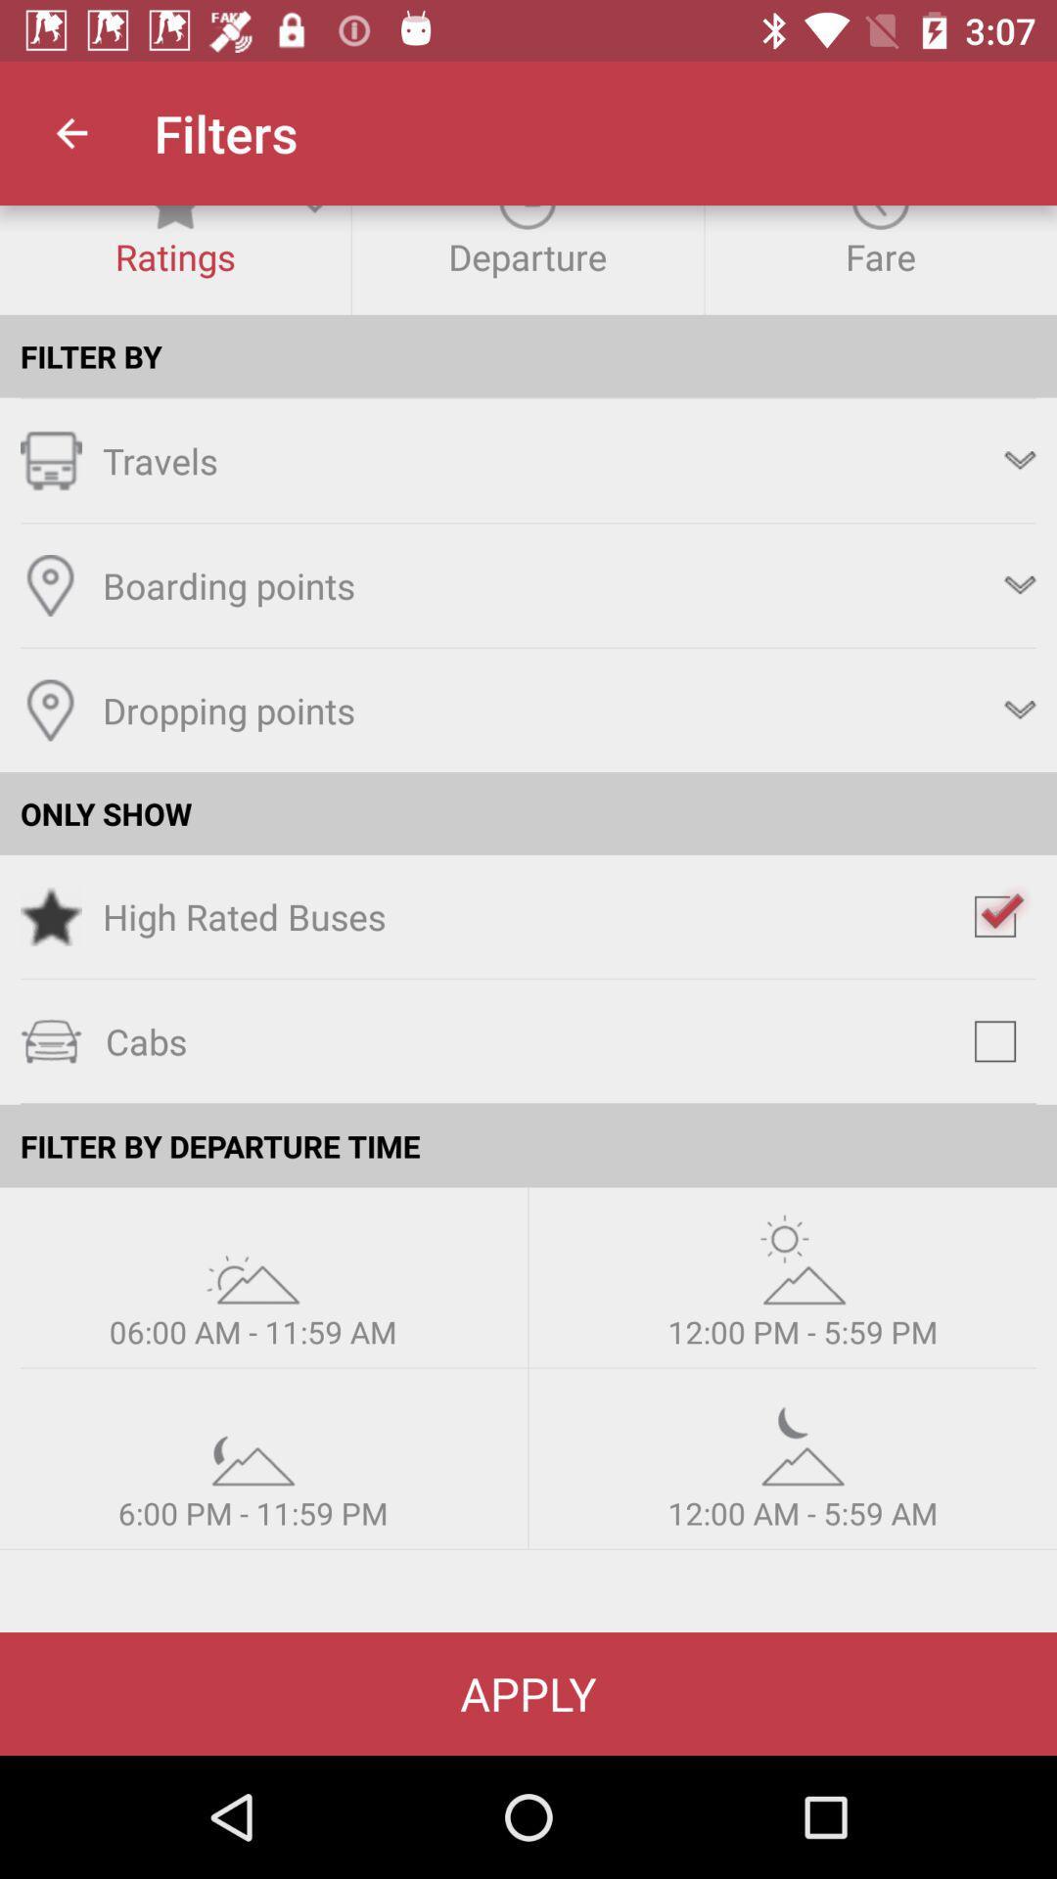 The width and height of the screenshot is (1057, 1879). Describe the element at coordinates (252, 1259) in the screenshot. I see `filter option` at that location.